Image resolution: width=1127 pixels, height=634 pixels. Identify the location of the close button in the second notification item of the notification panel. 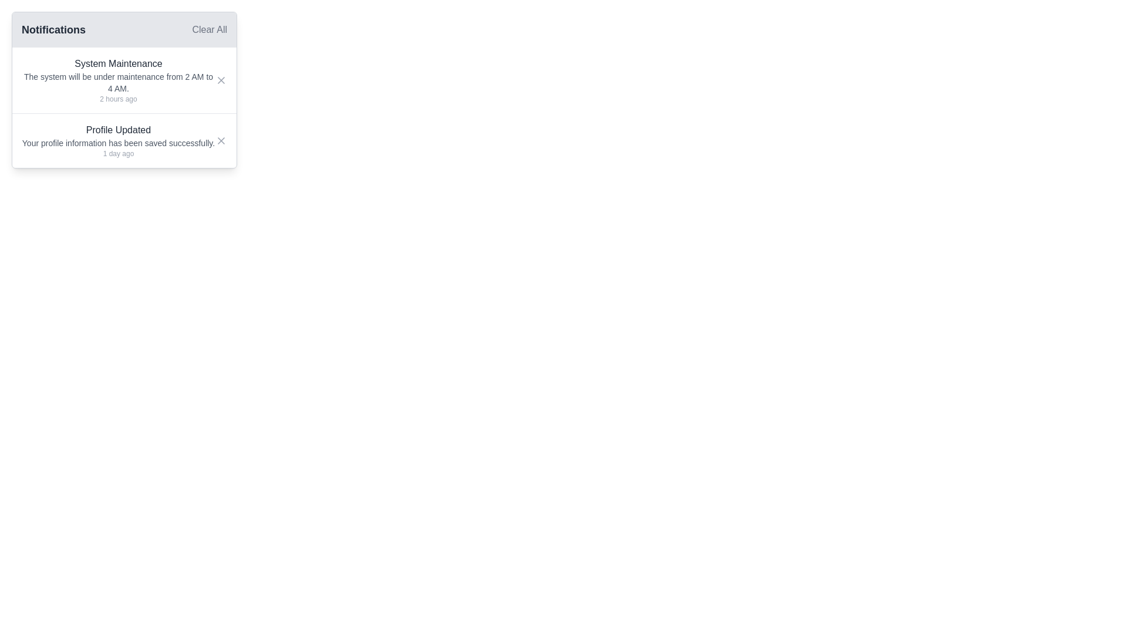
(221, 140).